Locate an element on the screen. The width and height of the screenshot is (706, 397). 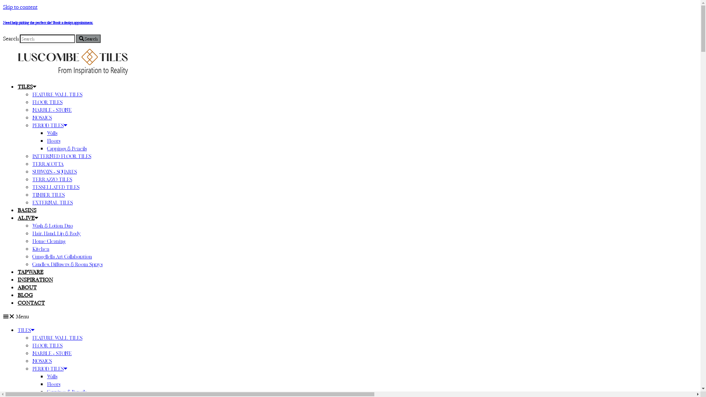
'Hair, Hand, Lip & Body' is located at coordinates (56, 233).